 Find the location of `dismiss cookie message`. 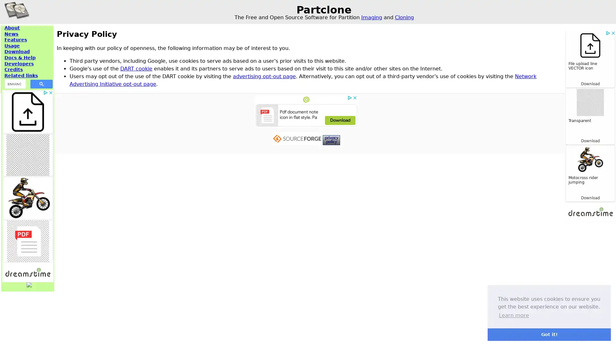

dismiss cookie message is located at coordinates (549, 334).